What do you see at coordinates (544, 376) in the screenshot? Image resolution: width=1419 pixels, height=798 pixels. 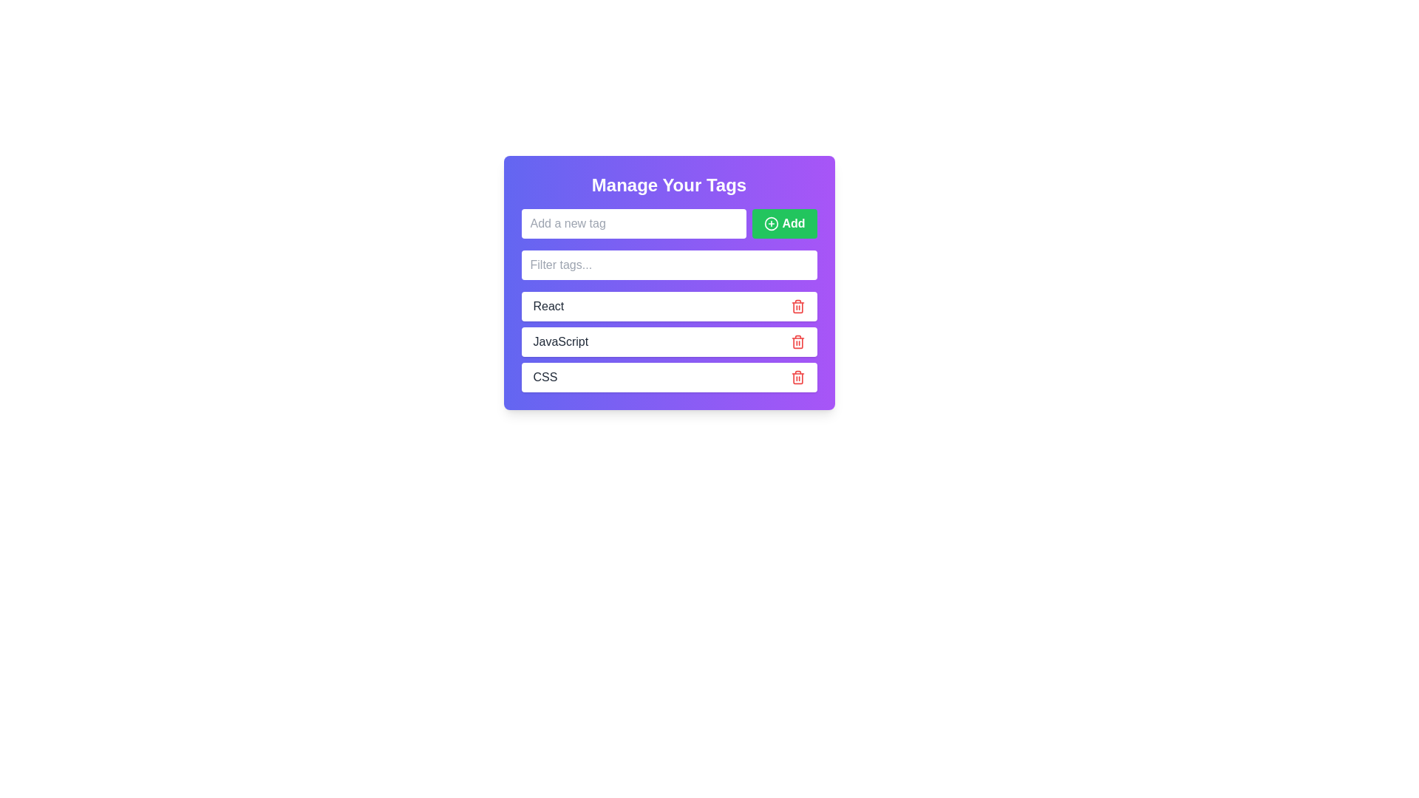 I see `the 'CSS' text label element, which is part of a list of tags located beneath the 'JavaScript' row` at bounding box center [544, 376].